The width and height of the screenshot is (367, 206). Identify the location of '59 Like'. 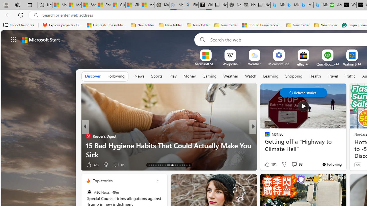
(268, 165).